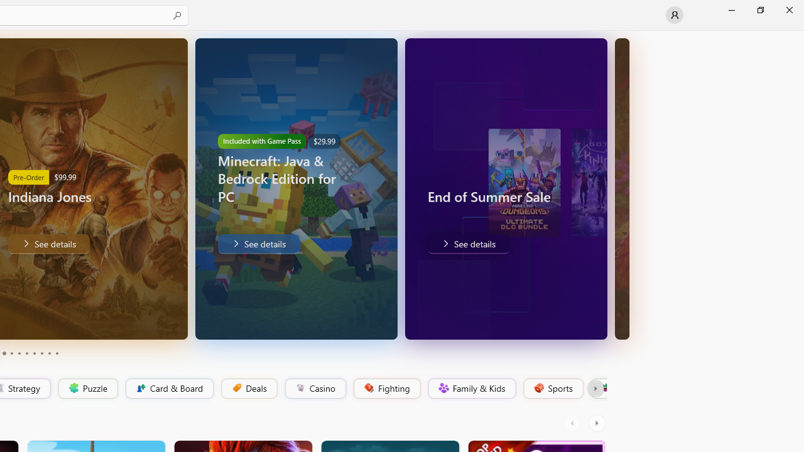 The height and width of the screenshot is (452, 804). I want to click on 'AutomationID: LeftScrollButton', so click(573, 422).